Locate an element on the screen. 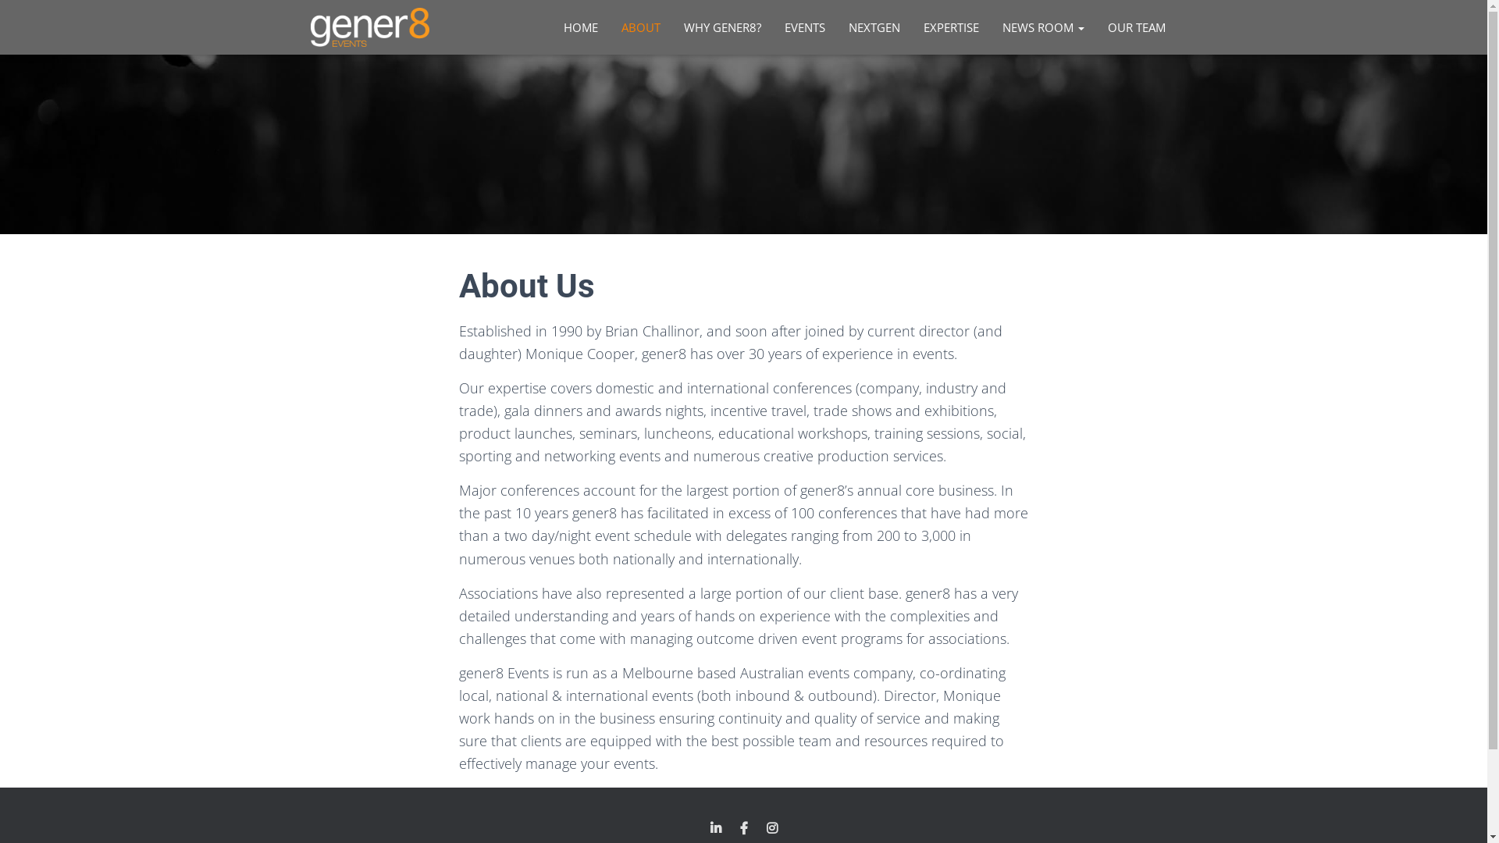 Image resolution: width=1499 pixels, height=843 pixels. 'gener8 events' is located at coordinates (298, 27).